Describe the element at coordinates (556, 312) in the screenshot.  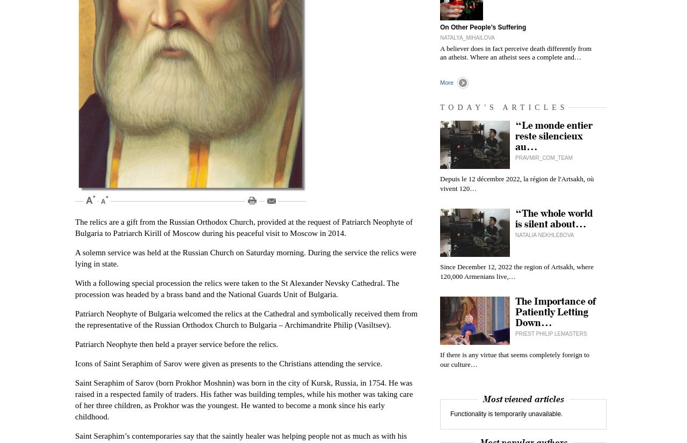
I see `'The Importance of Patiently Letting Down…'` at that location.